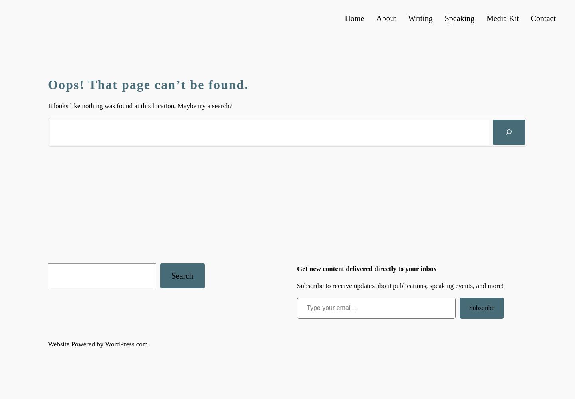 This screenshot has height=399, width=575. What do you see at coordinates (481, 308) in the screenshot?
I see `'Subscribe'` at bounding box center [481, 308].